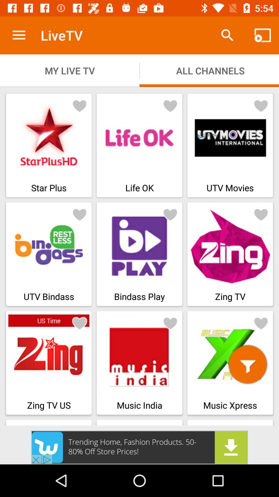  Describe the element at coordinates (80, 323) in the screenshot. I see `to add in favourite channel` at that location.